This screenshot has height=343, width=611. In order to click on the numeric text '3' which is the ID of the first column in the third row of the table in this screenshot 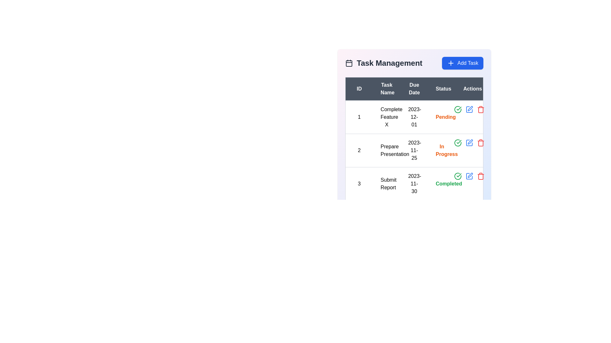, I will do `click(359, 184)`.